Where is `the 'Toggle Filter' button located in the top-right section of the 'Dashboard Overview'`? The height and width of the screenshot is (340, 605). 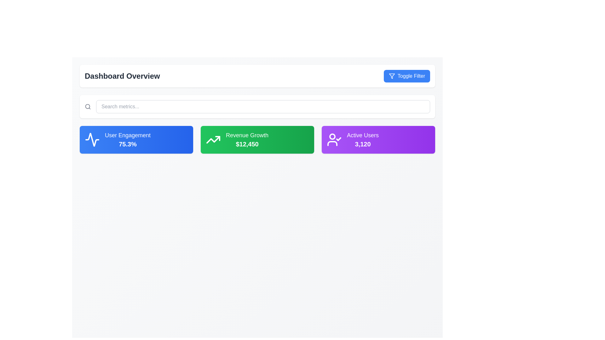 the 'Toggle Filter' button located in the top-right section of the 'Dashboard Overview' is located at coordinates (407, 76).